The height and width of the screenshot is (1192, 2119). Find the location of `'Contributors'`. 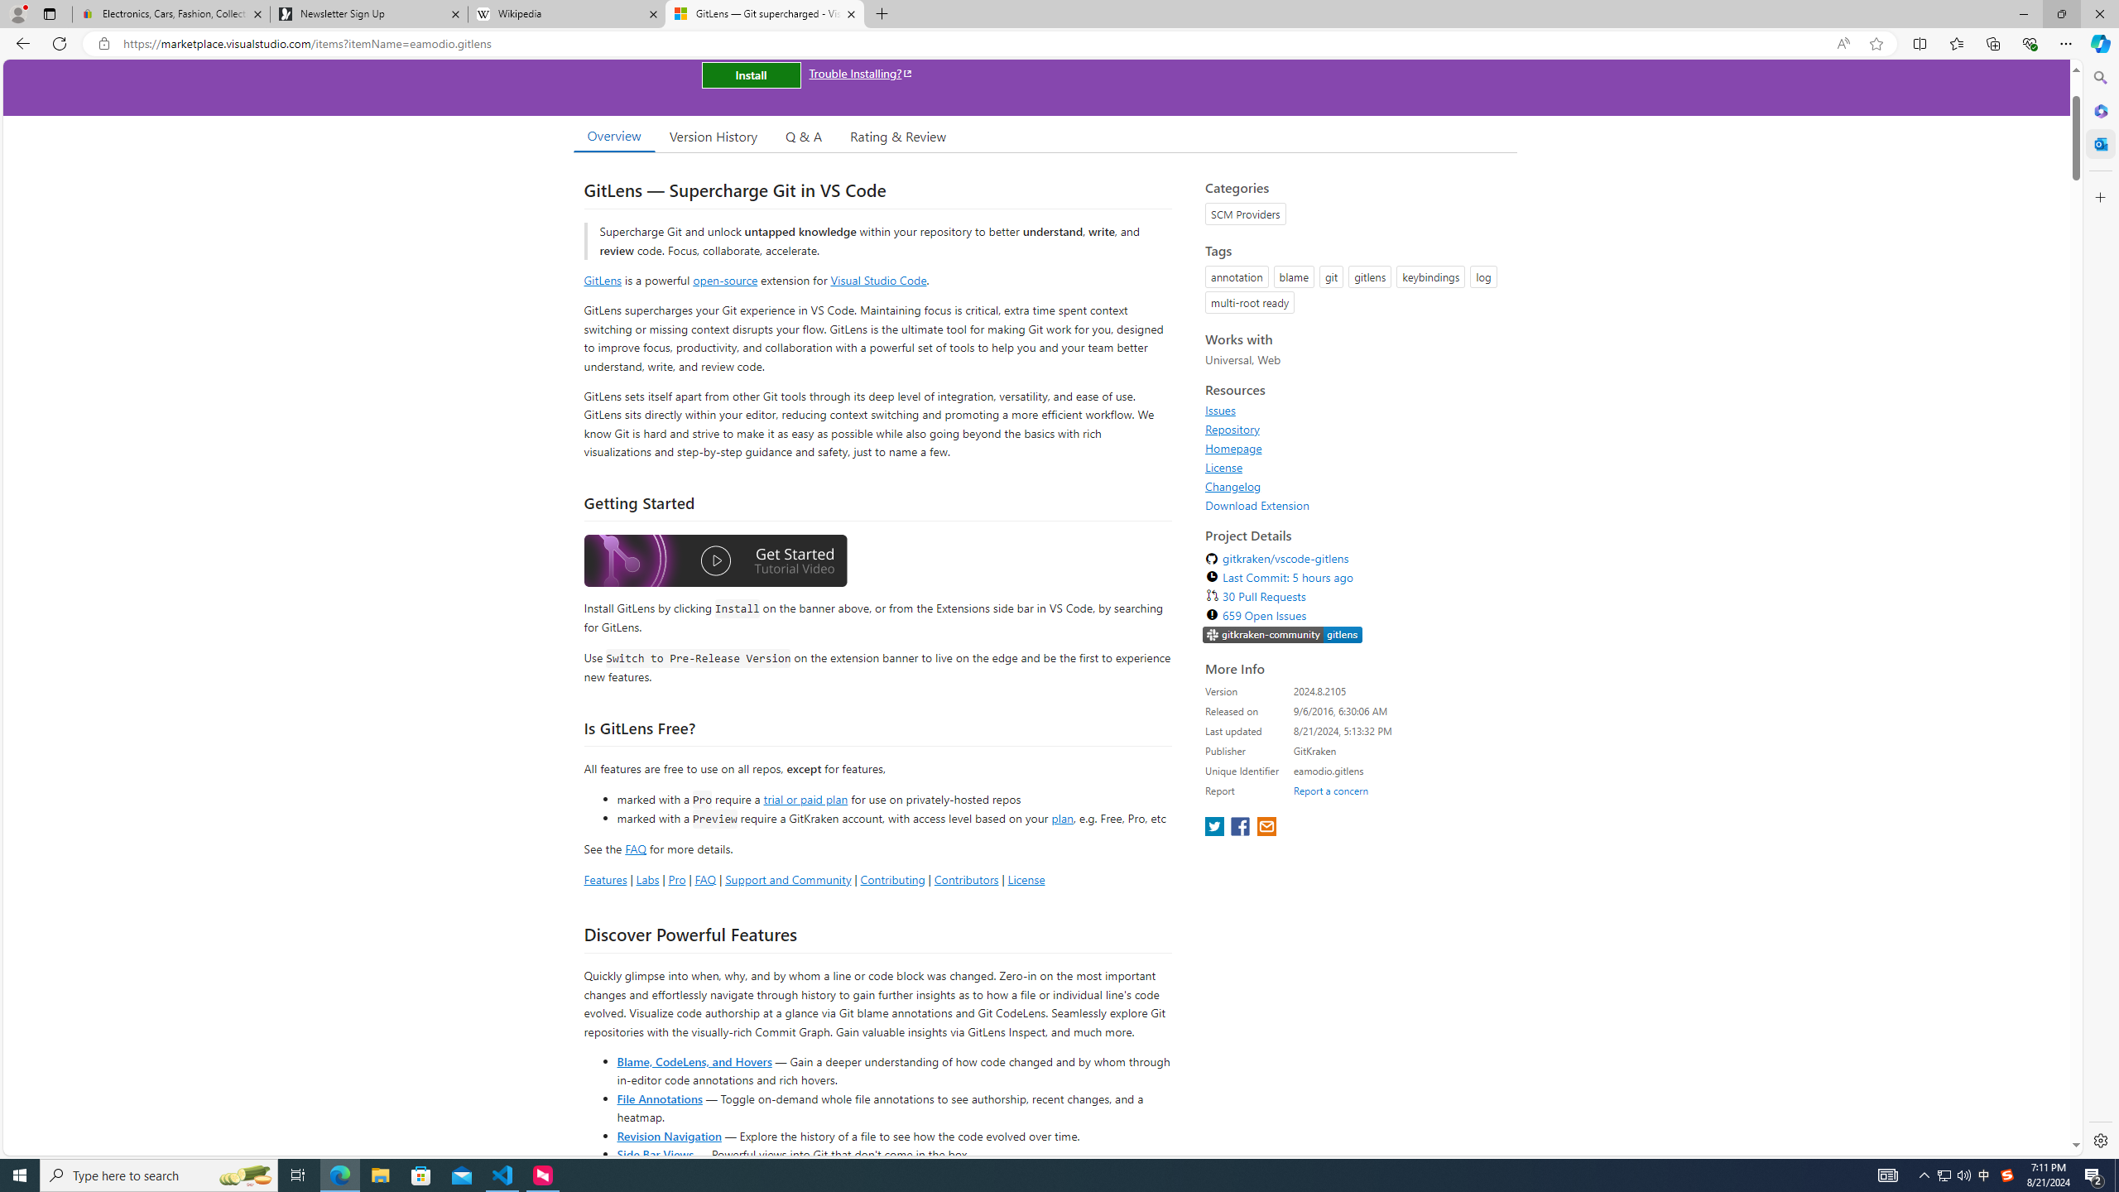

'Contributors' is located at coordinates (965, 878).